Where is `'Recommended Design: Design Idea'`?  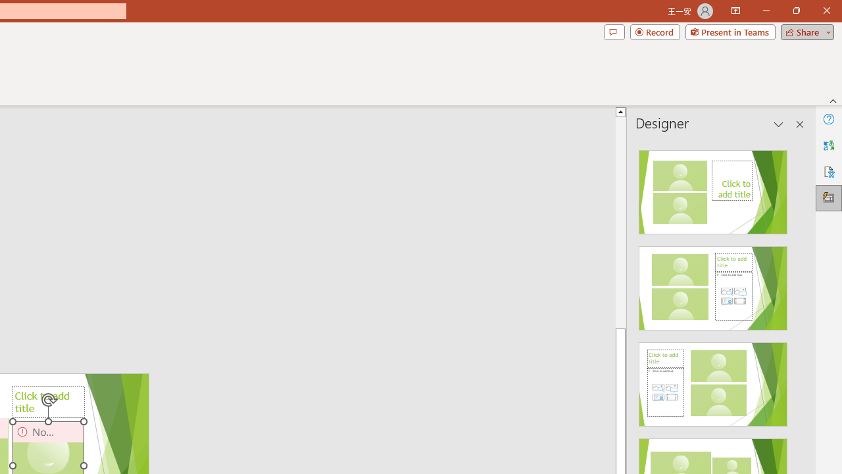 'Recommended Design: Design Idea' is located at coordinates (712, 188).